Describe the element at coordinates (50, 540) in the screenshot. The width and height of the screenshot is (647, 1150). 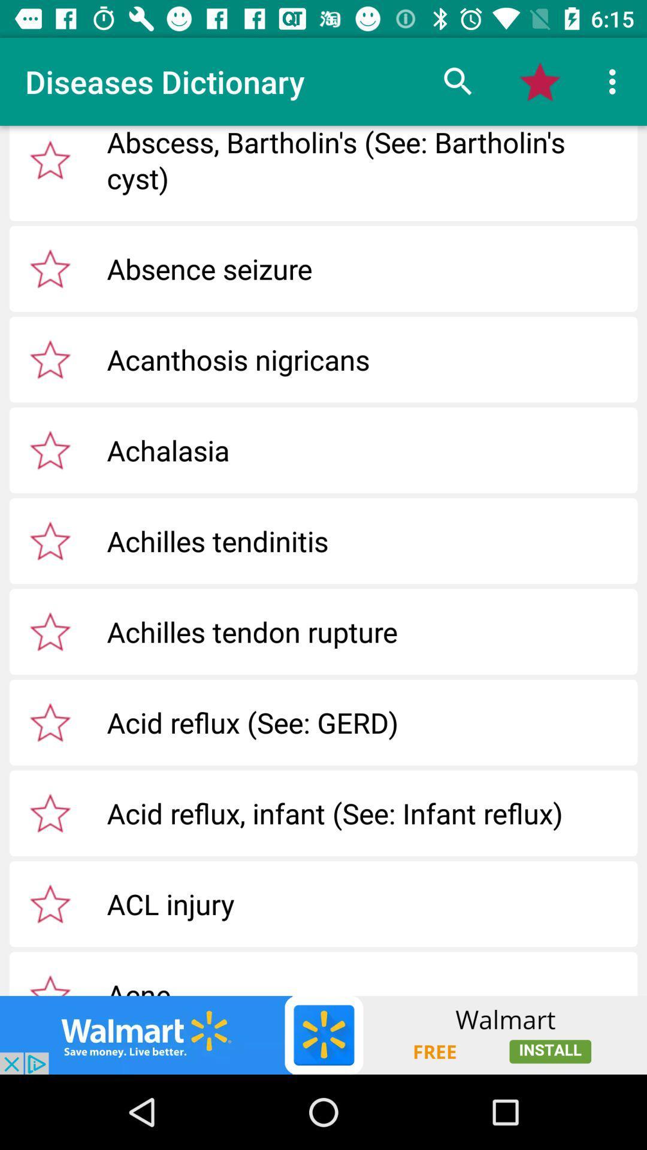
I see `favorite` at that location.